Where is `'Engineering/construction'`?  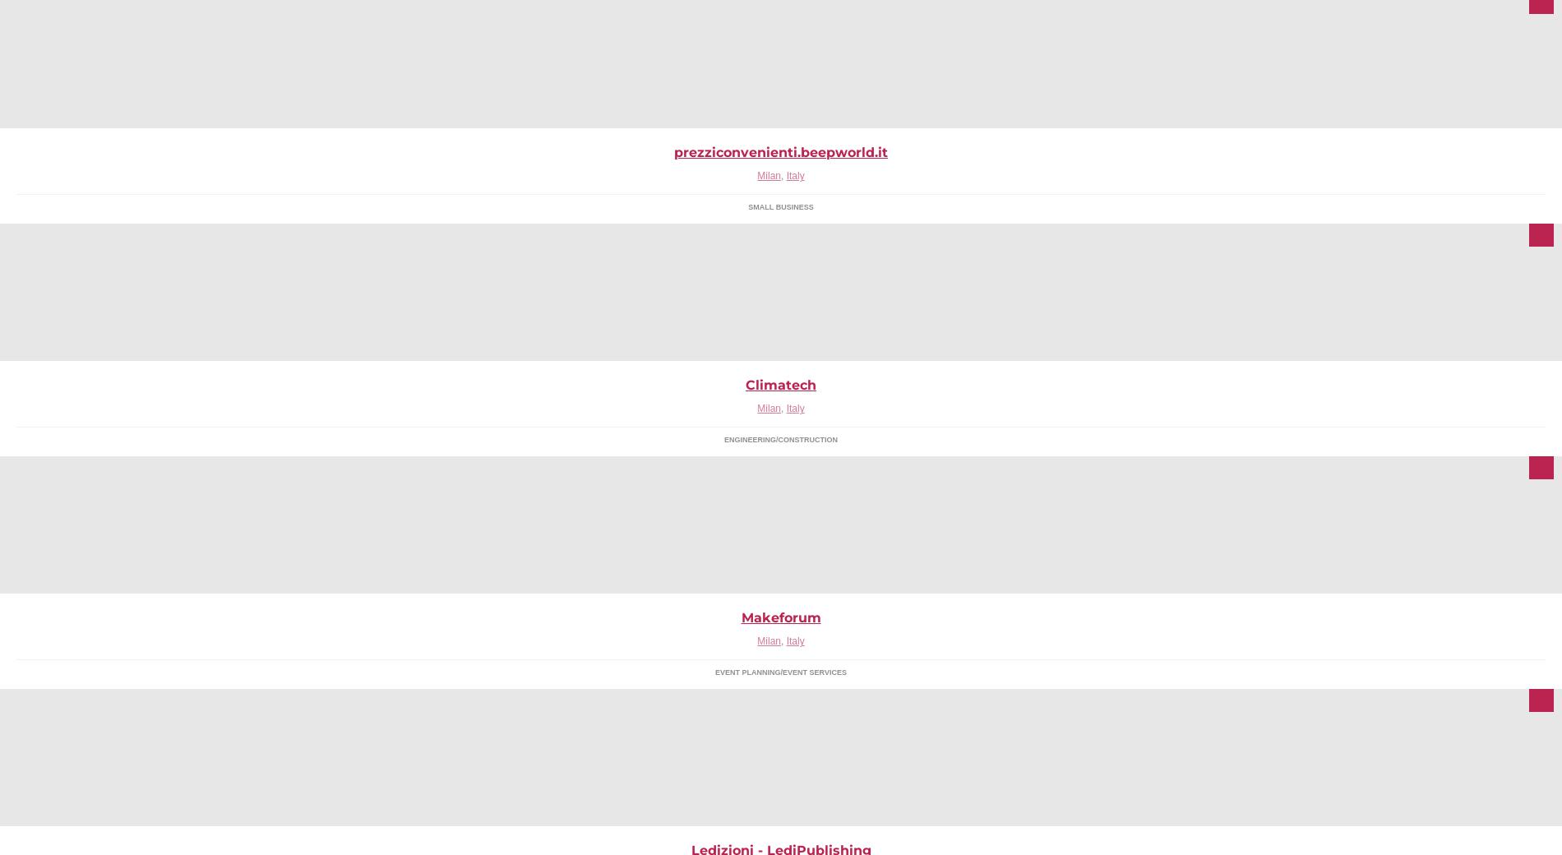 'Engineering/construction' is located at coordinates (779, 438).